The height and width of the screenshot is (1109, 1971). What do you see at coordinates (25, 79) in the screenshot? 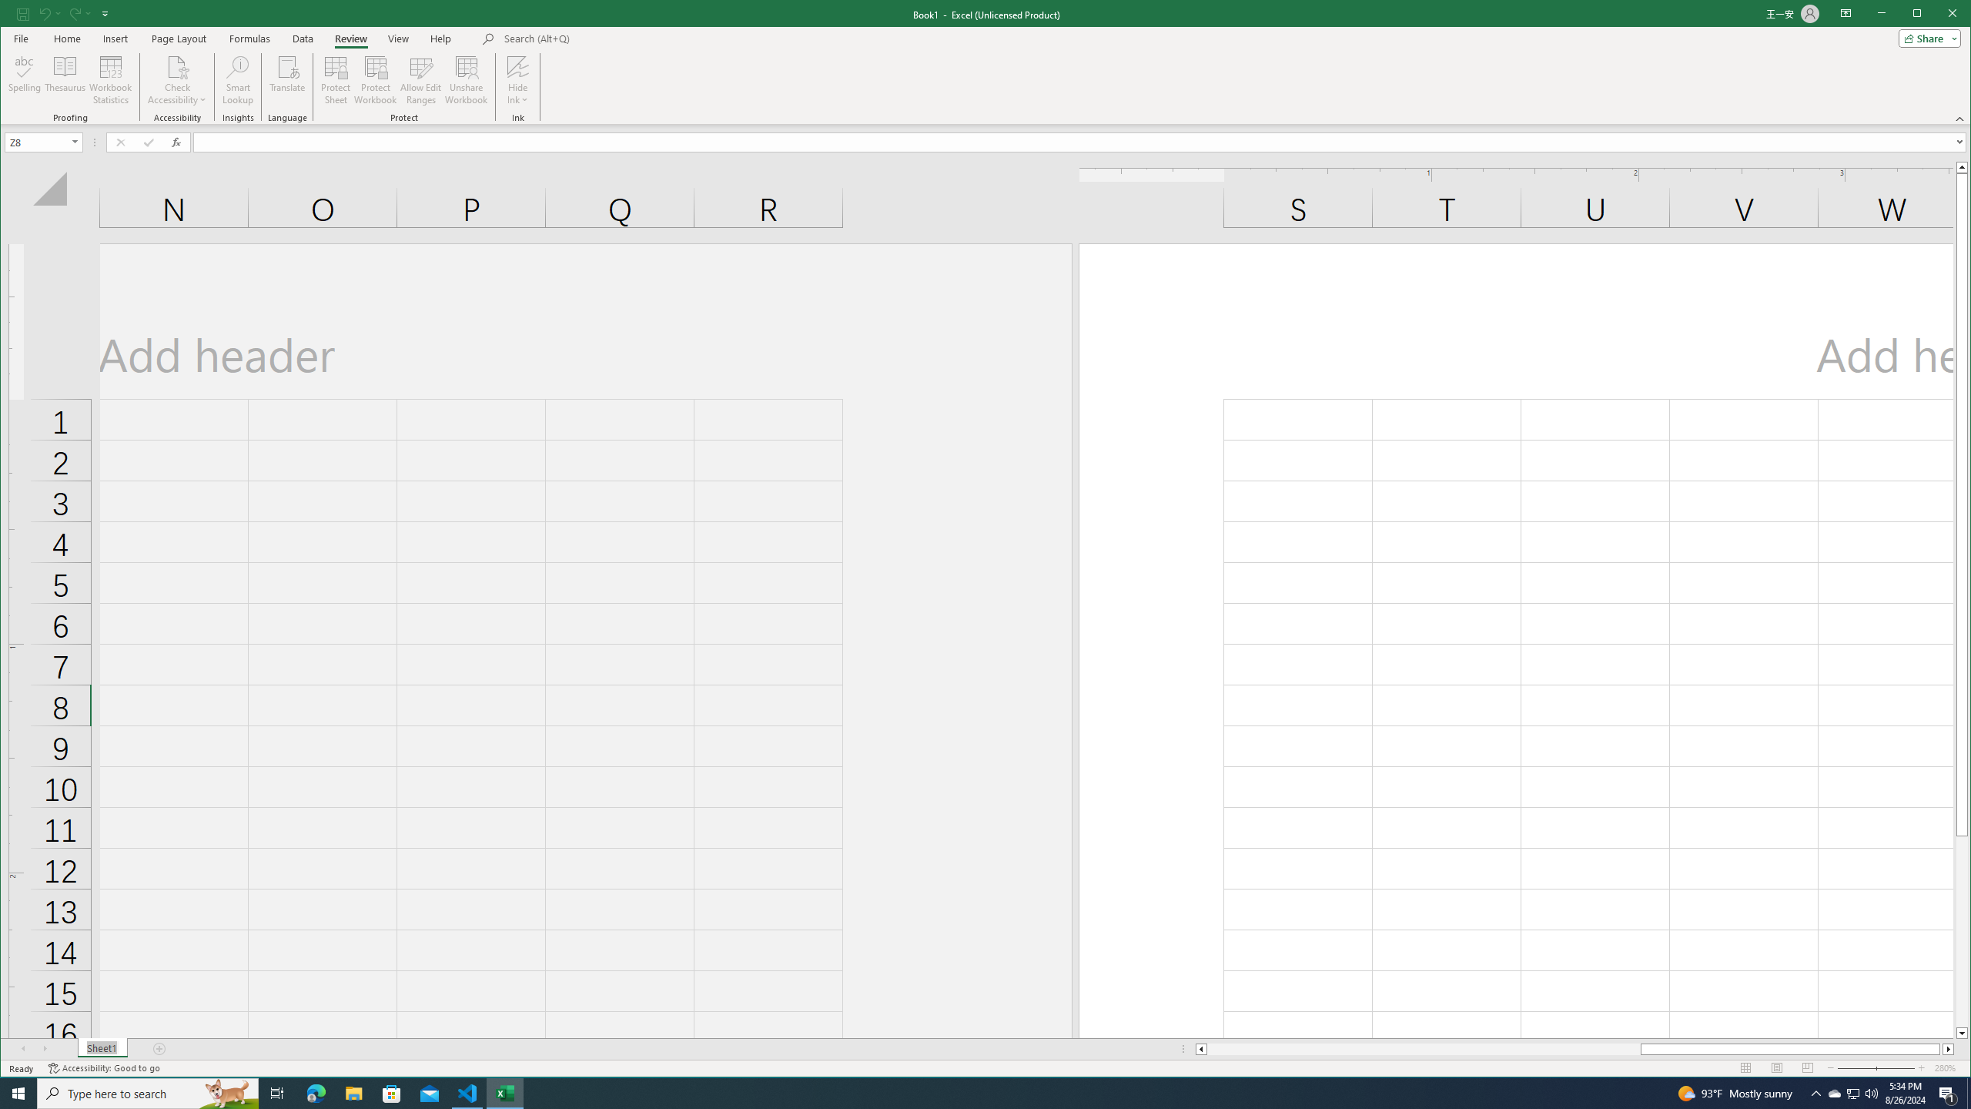
I see `'Spelling...'` at bounding box center [25, 79].